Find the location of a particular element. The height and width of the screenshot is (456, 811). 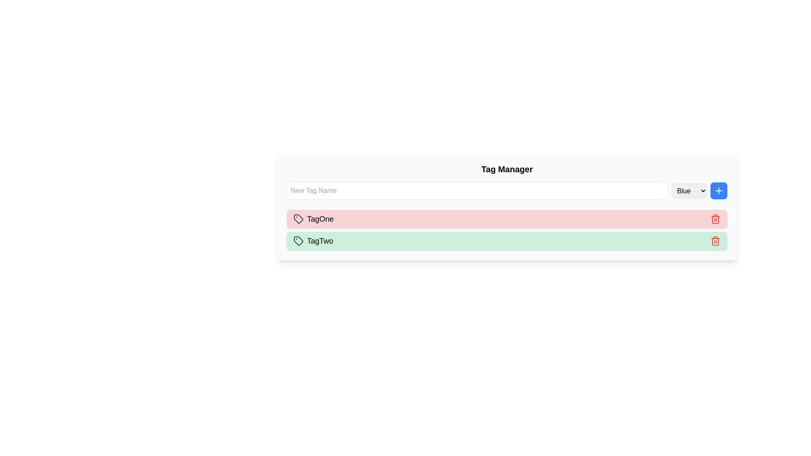

the label 'TagOne' which has a tag icon and is highlighted in light pink for rearrangement or reassignment is located at coordinates (313, 219).